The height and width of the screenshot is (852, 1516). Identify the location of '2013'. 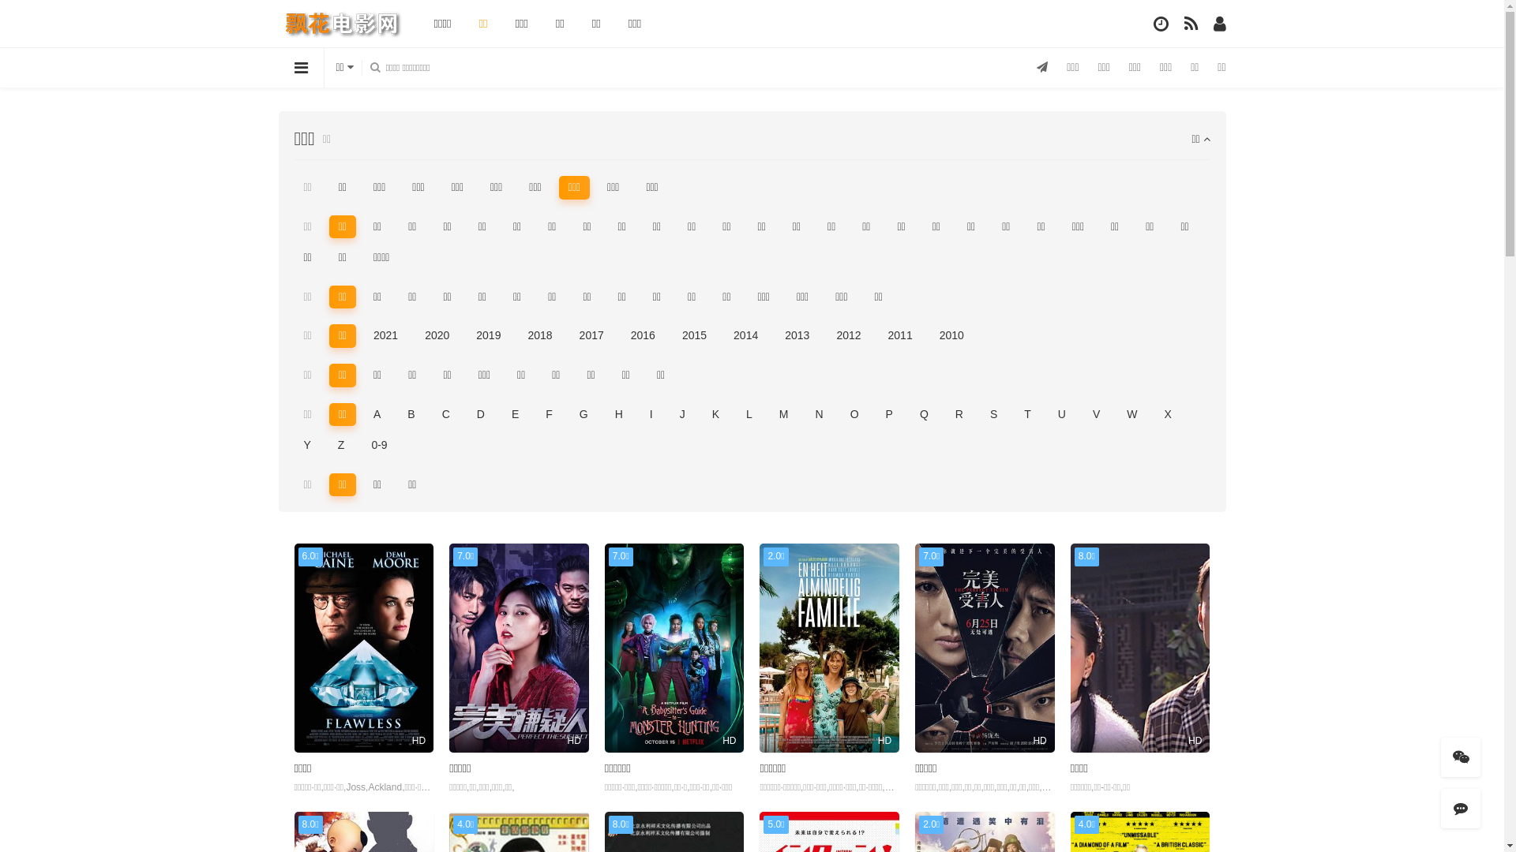
(797, 334).